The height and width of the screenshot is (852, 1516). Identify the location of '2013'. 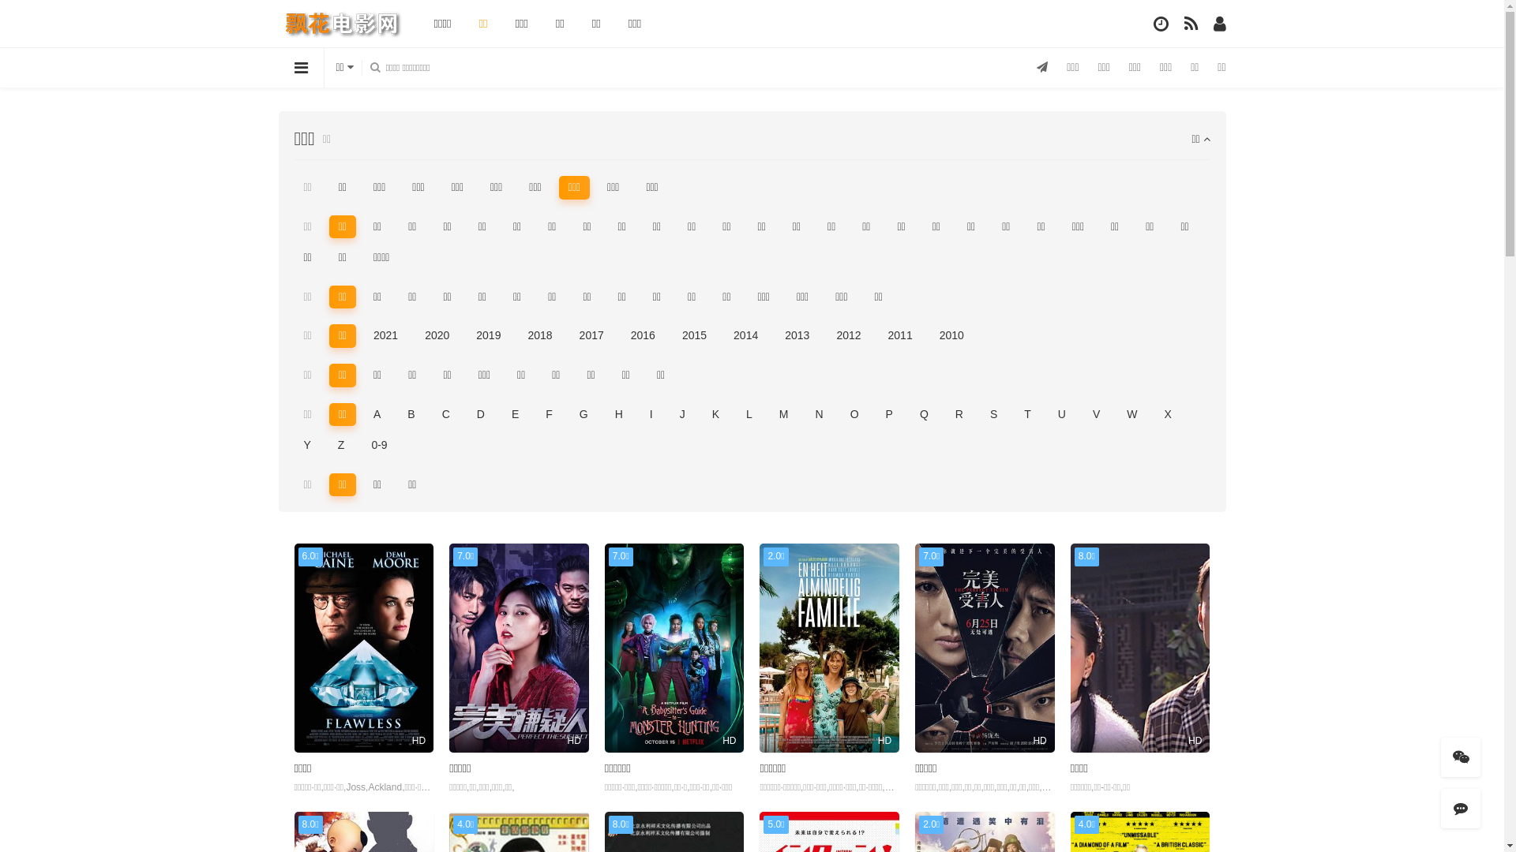
(797, 334).